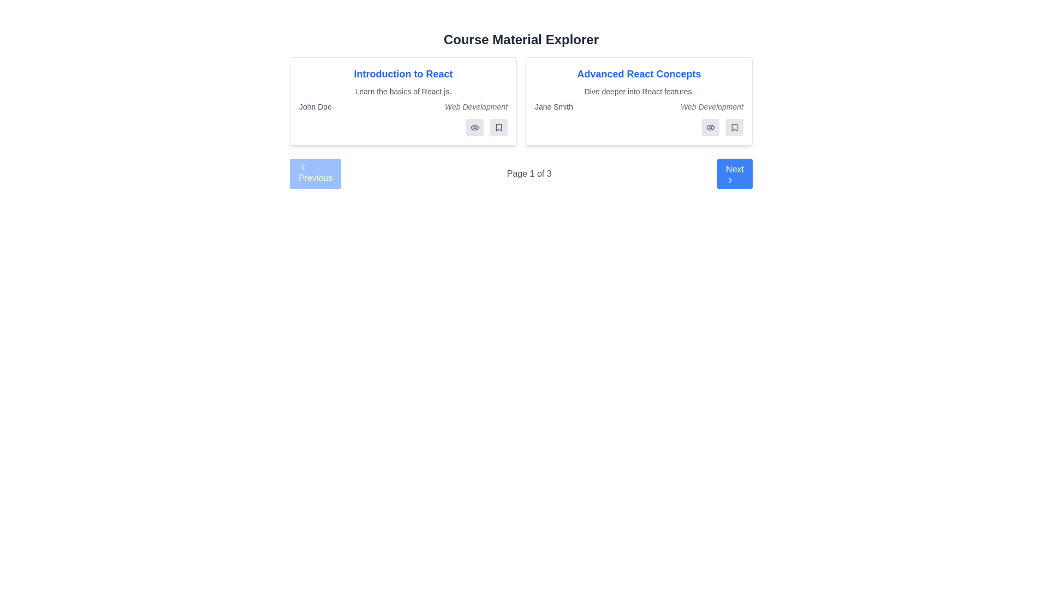 The image size is (1048, 589). What do you see at coordinates (554, 107) in the screenshot?
I see `the static text label displaying the author or contributor's name, located within the right card above the 'Web Development' text` at bounding box center [554, 107].